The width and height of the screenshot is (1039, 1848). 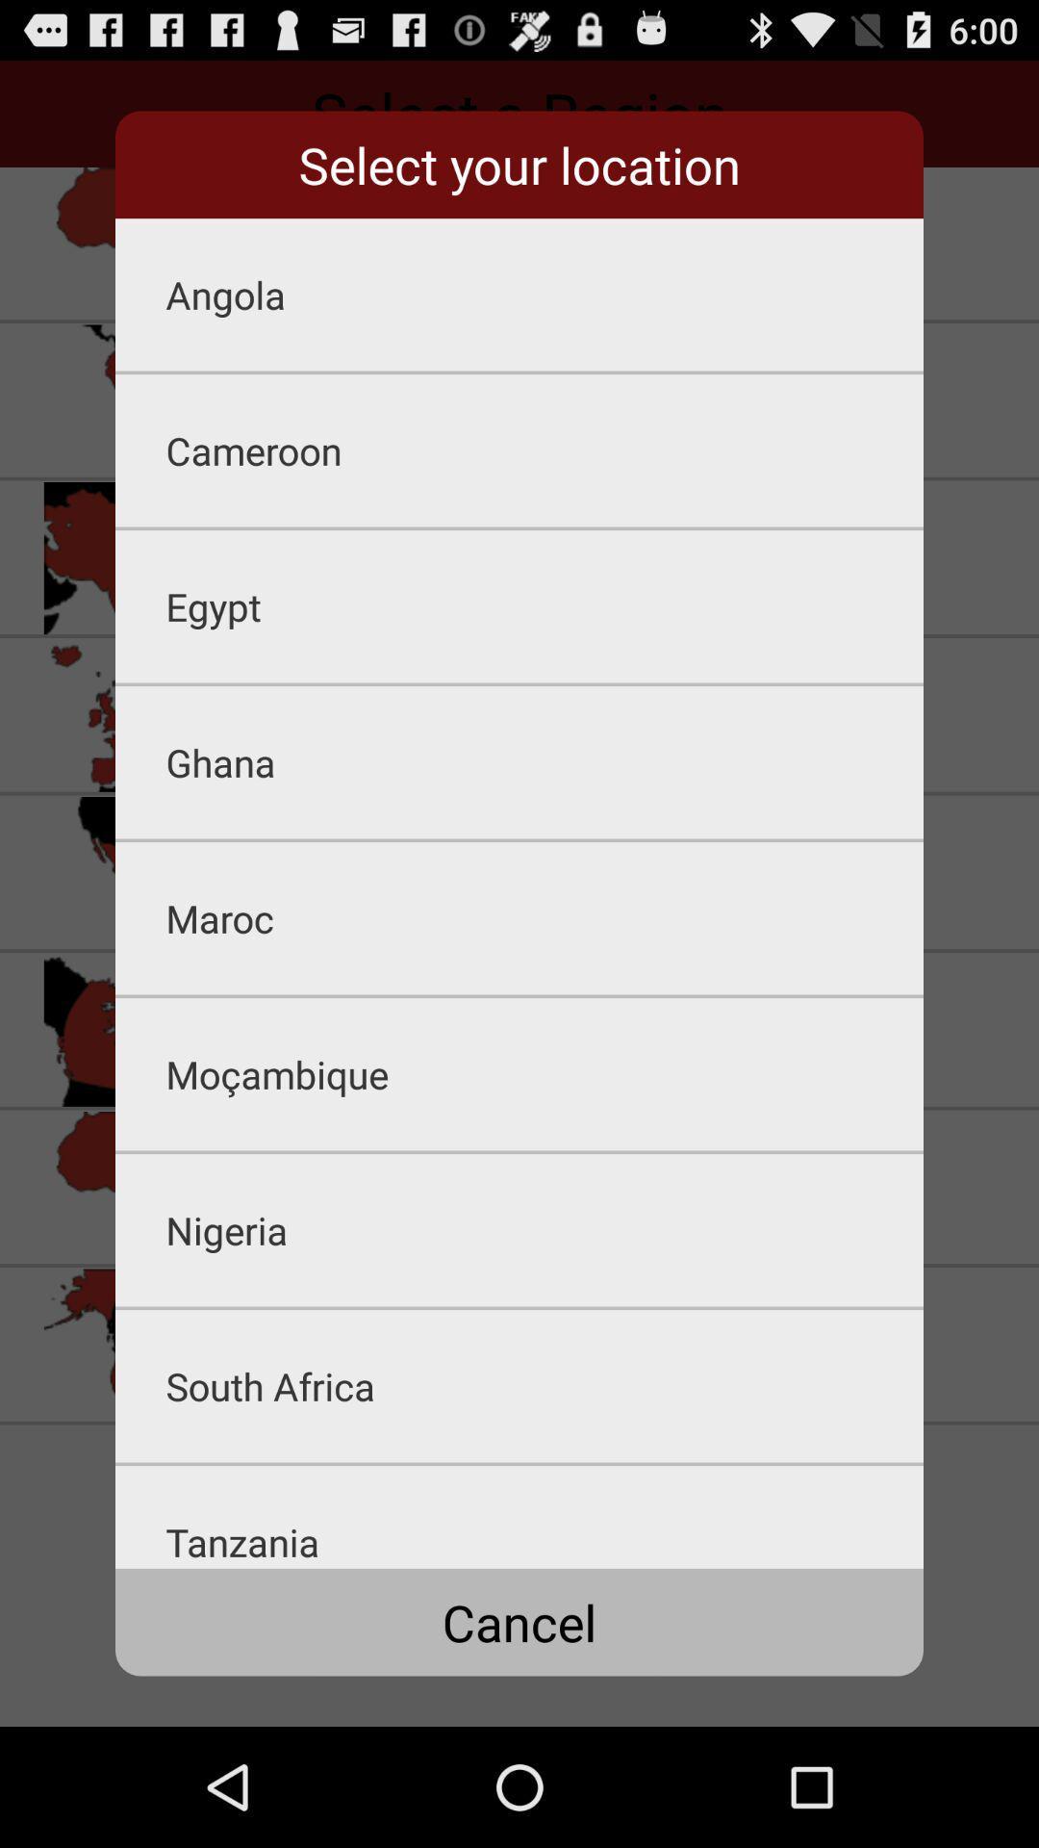 I want to click on icon below the select your location app, so click(x=545, y=294).